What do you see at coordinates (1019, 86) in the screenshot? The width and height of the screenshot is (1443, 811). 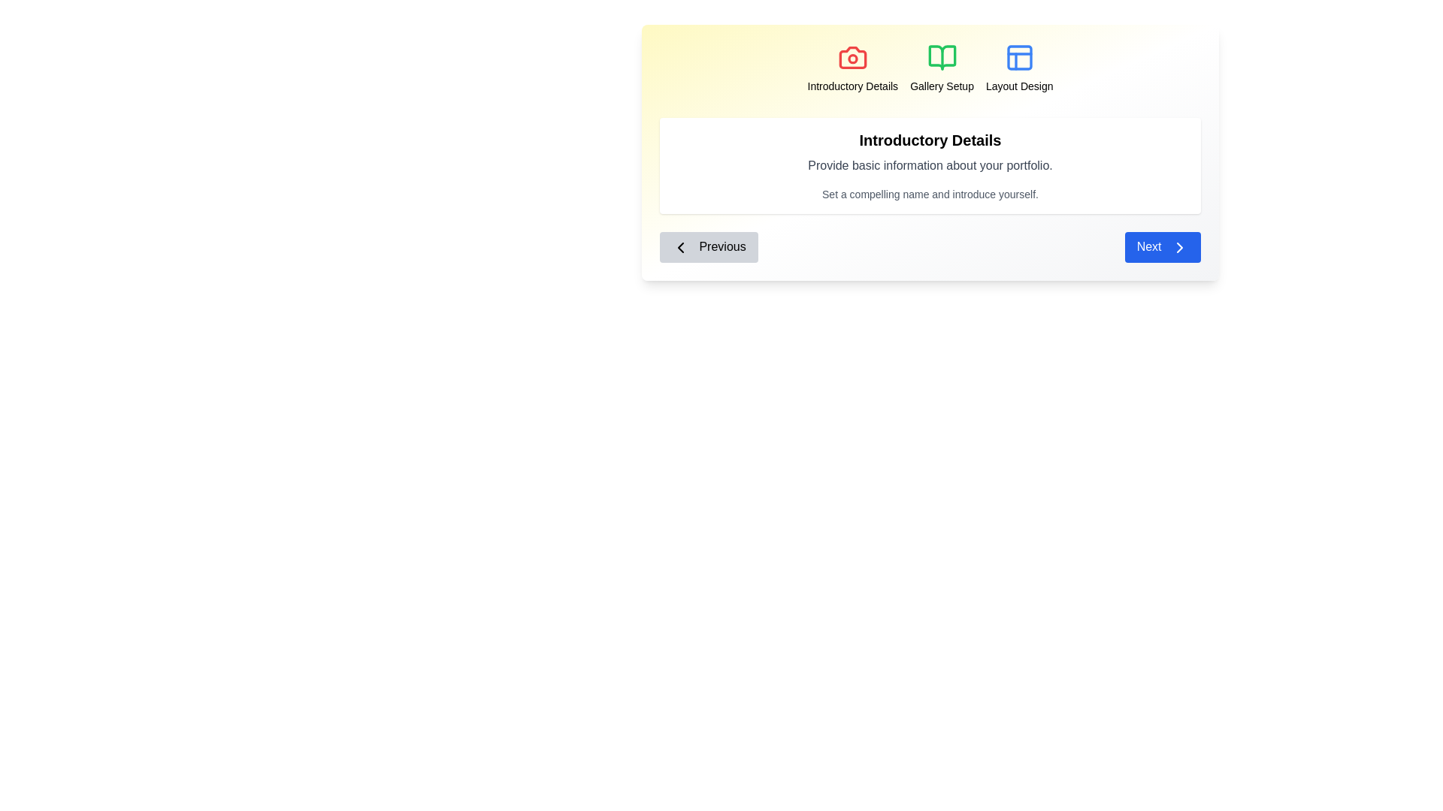 I see `the 'Layout Design' text label, which is styled in a small font size and medium weight, positioned below a blue square icon in a clean layout` at bounding box center [1019, 86].